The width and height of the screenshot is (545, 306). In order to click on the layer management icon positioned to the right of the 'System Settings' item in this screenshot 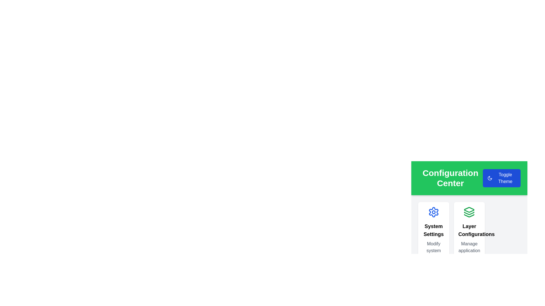, I will do `click(469, 210)`.